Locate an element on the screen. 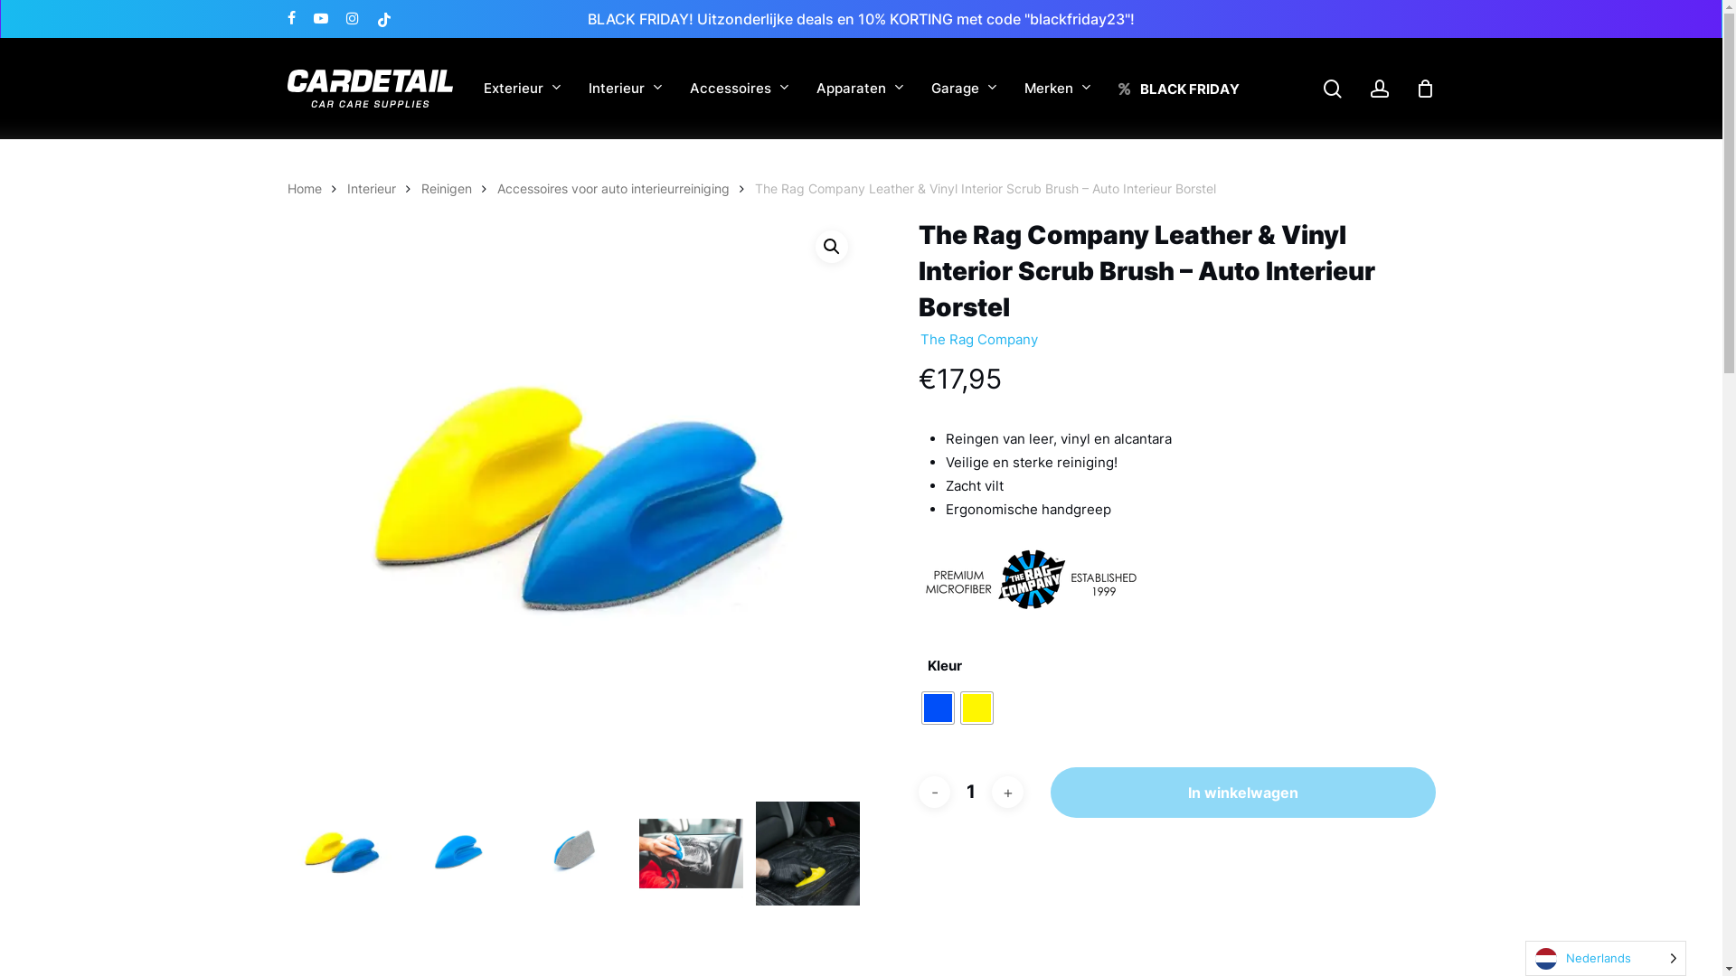 The height and width of the screenshot is (976, 1736). 'Geel' is located at coordinates (976, 707).